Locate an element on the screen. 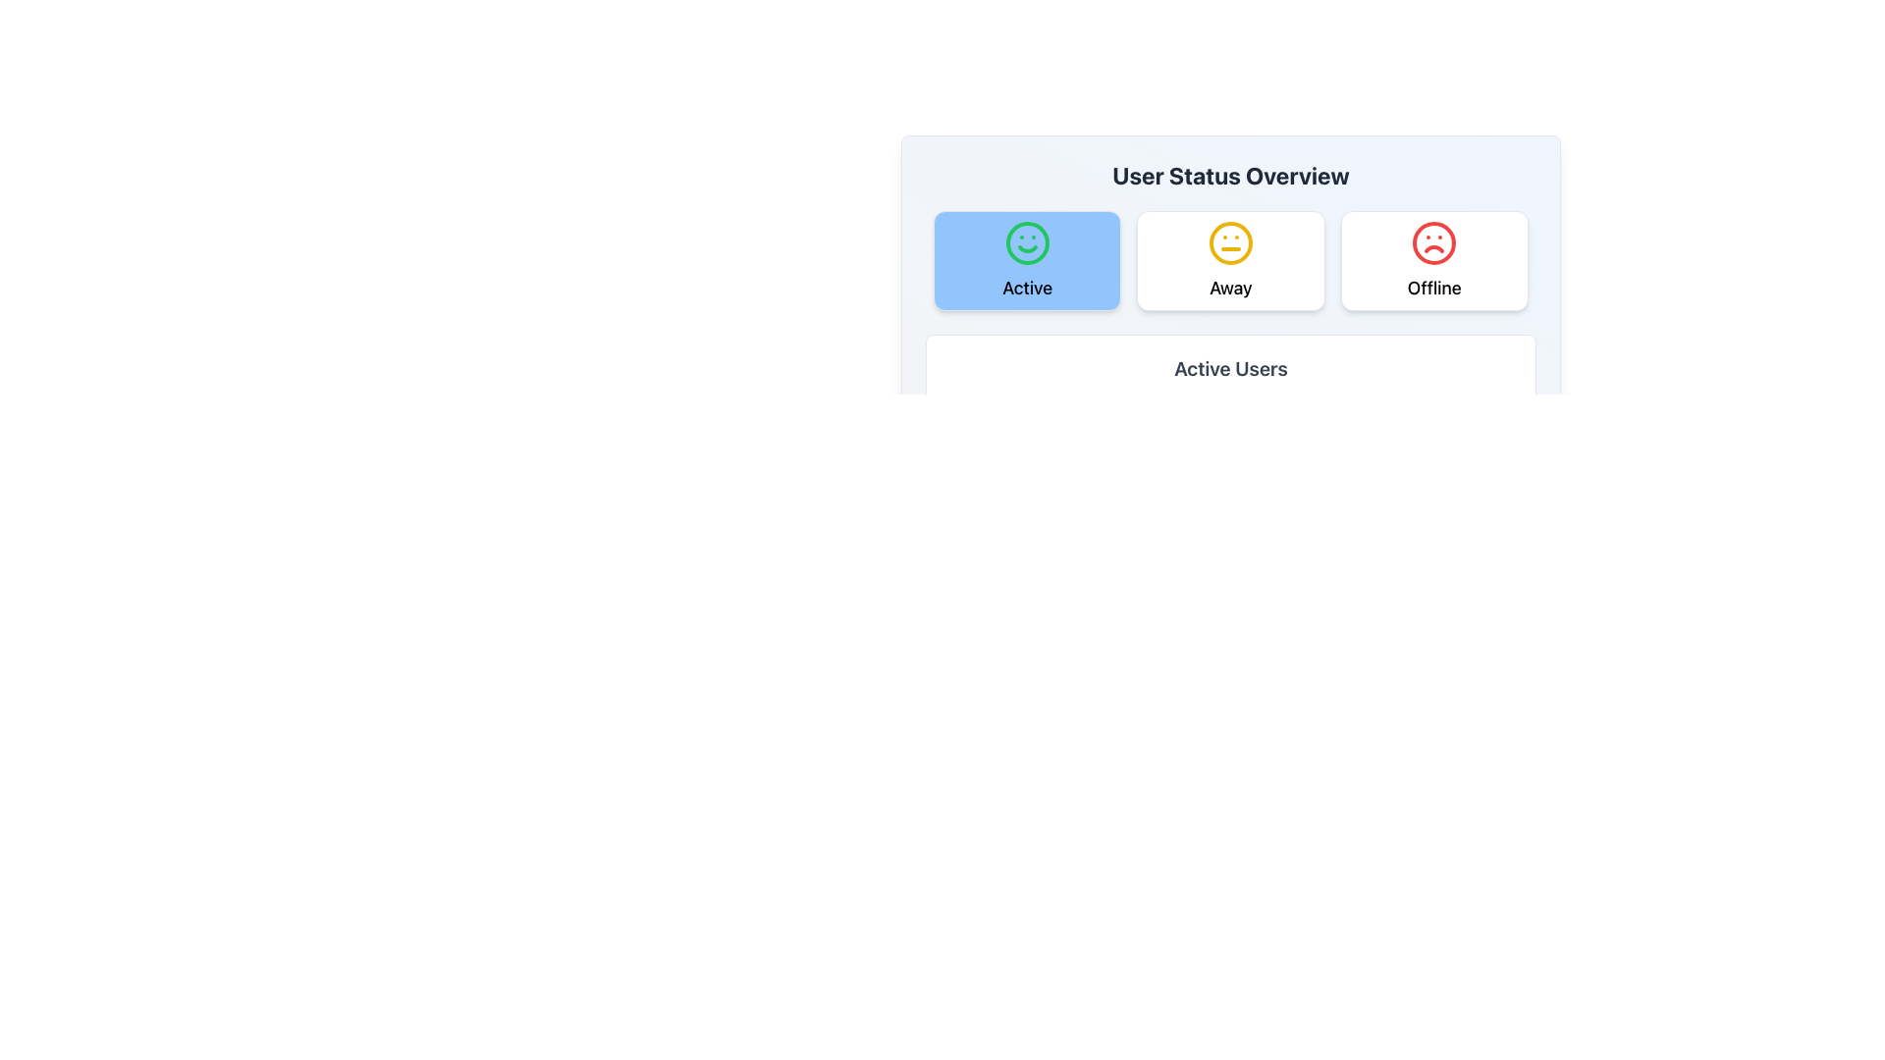  the text label indicating user status as 'Offline', located below the red sad face icon in the rightmost card of user status indicators is located at coordinates (1434, 288).